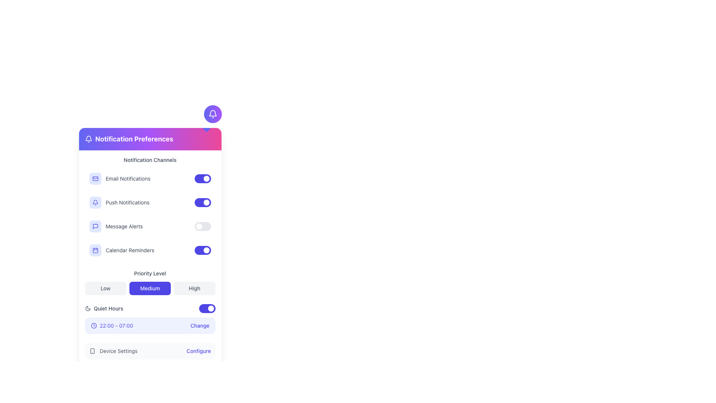 Image resolution: width=716 pixels, height=403 pixels. What do you see at coordinates (88, 308) in the screenshot?
I see `the crescent moon icon, which is styled with thin gray outlined strokes and located near the top-right corner above the 'Notification Preferences' header` at bounding box center [88, 308].